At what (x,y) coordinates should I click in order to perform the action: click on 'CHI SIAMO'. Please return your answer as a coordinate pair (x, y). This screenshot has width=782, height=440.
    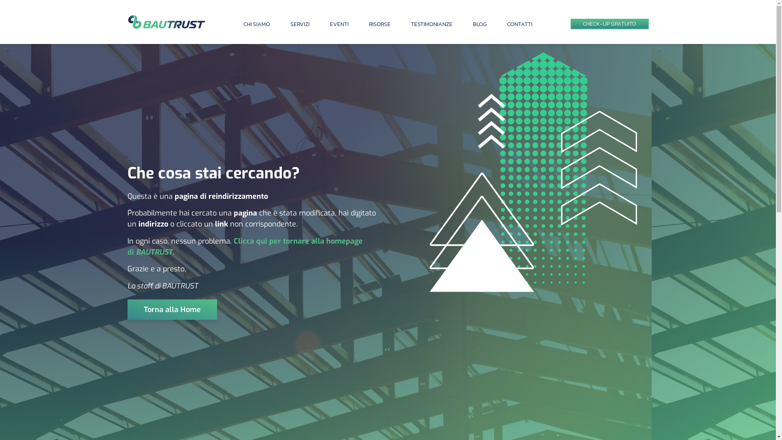
    Looking at the image, I should click on (256, 24).